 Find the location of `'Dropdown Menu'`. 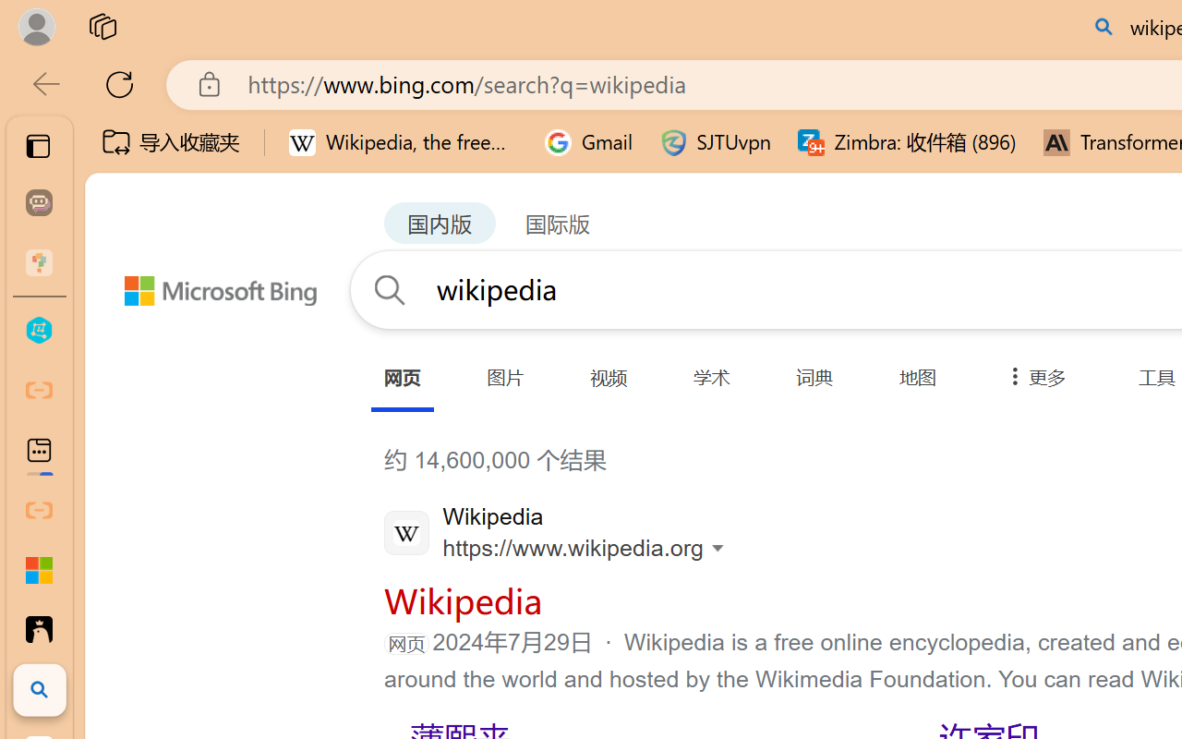

'Dropdown Menu' is located at coordinates (1031, 377).